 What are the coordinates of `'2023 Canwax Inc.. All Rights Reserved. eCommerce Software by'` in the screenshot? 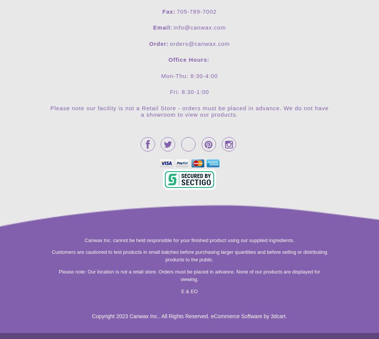 It's located at (193, 316).